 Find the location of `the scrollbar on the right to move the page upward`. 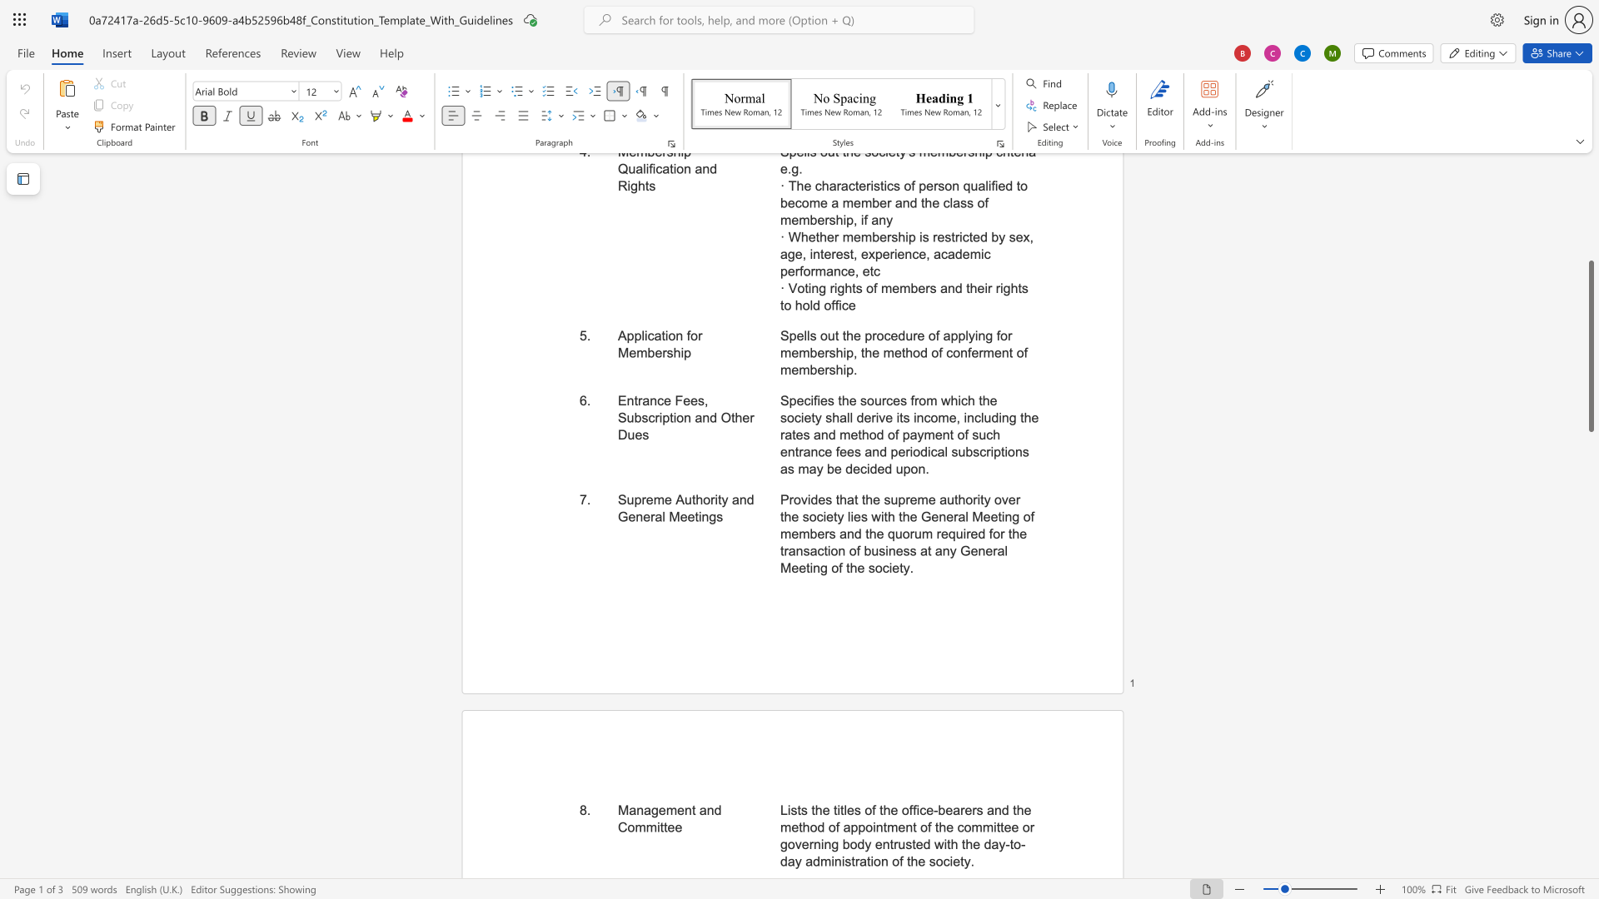

the scrollbar on the right to move the page upward is located at coordinates (1590, 274).